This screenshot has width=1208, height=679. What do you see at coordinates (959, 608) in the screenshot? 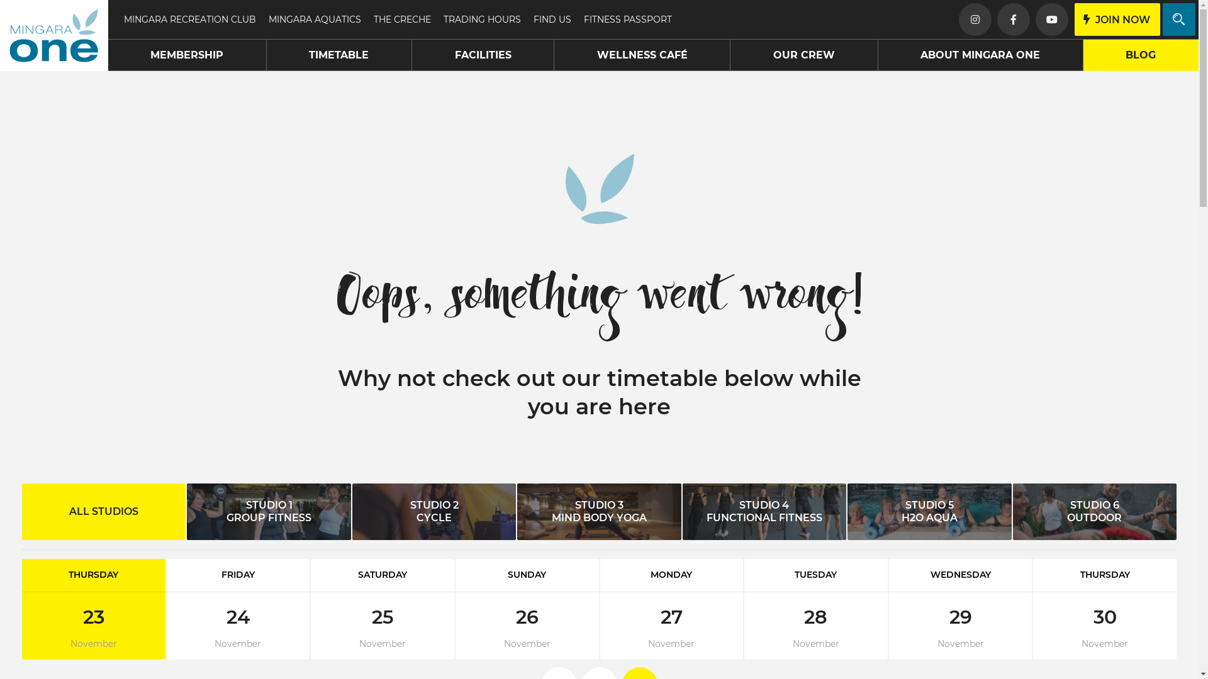
I see `'WEDNESDAY` at bounding box center [959, 608].